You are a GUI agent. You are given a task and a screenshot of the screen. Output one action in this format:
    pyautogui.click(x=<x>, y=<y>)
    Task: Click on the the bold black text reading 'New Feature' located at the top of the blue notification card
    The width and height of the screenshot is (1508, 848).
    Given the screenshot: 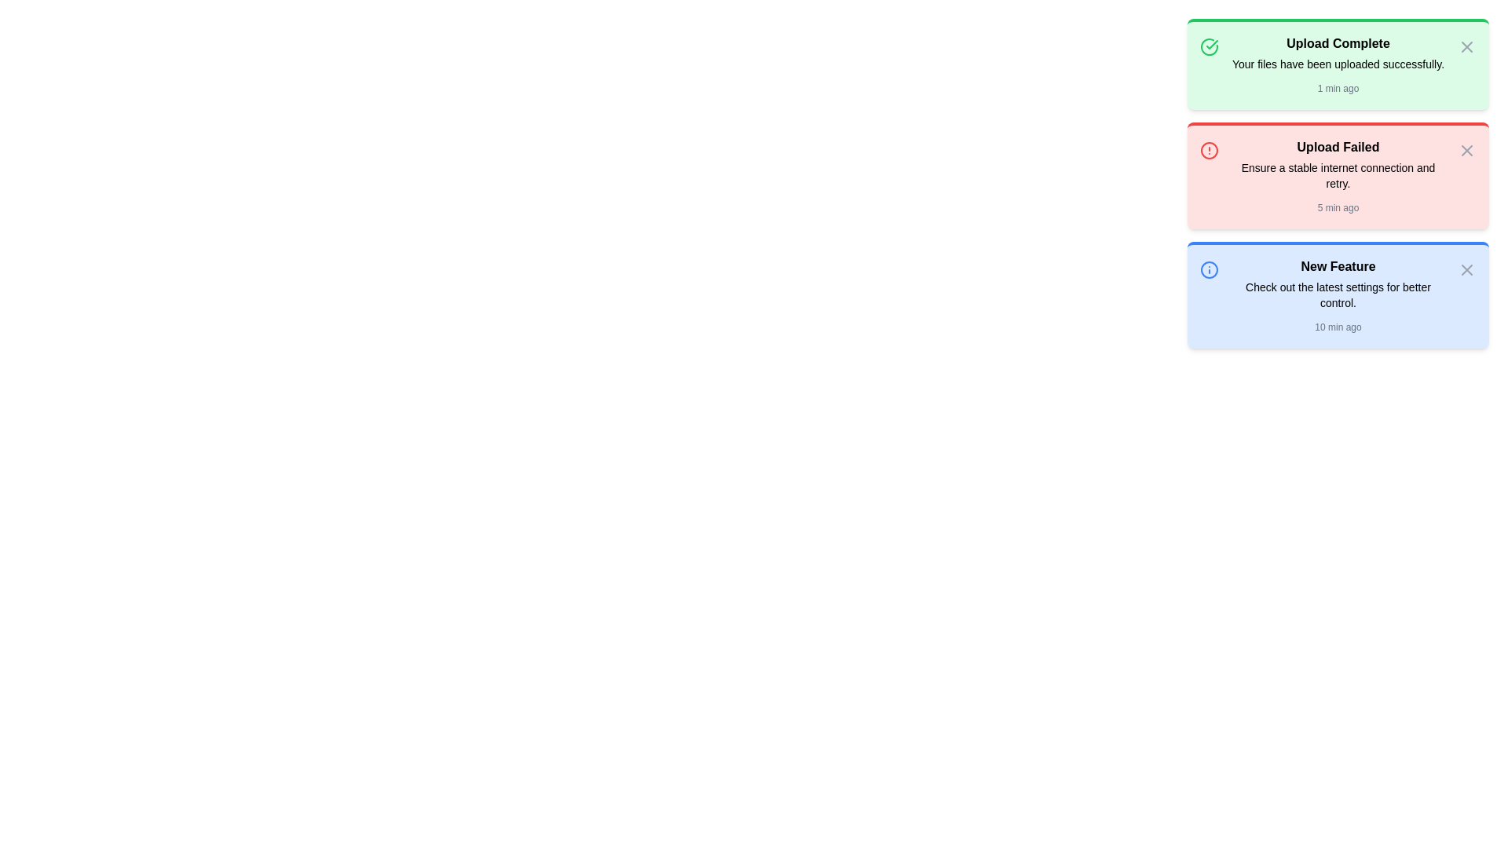 What is the action you would take?
    pyautogui.click(x=1338, y=265)
    